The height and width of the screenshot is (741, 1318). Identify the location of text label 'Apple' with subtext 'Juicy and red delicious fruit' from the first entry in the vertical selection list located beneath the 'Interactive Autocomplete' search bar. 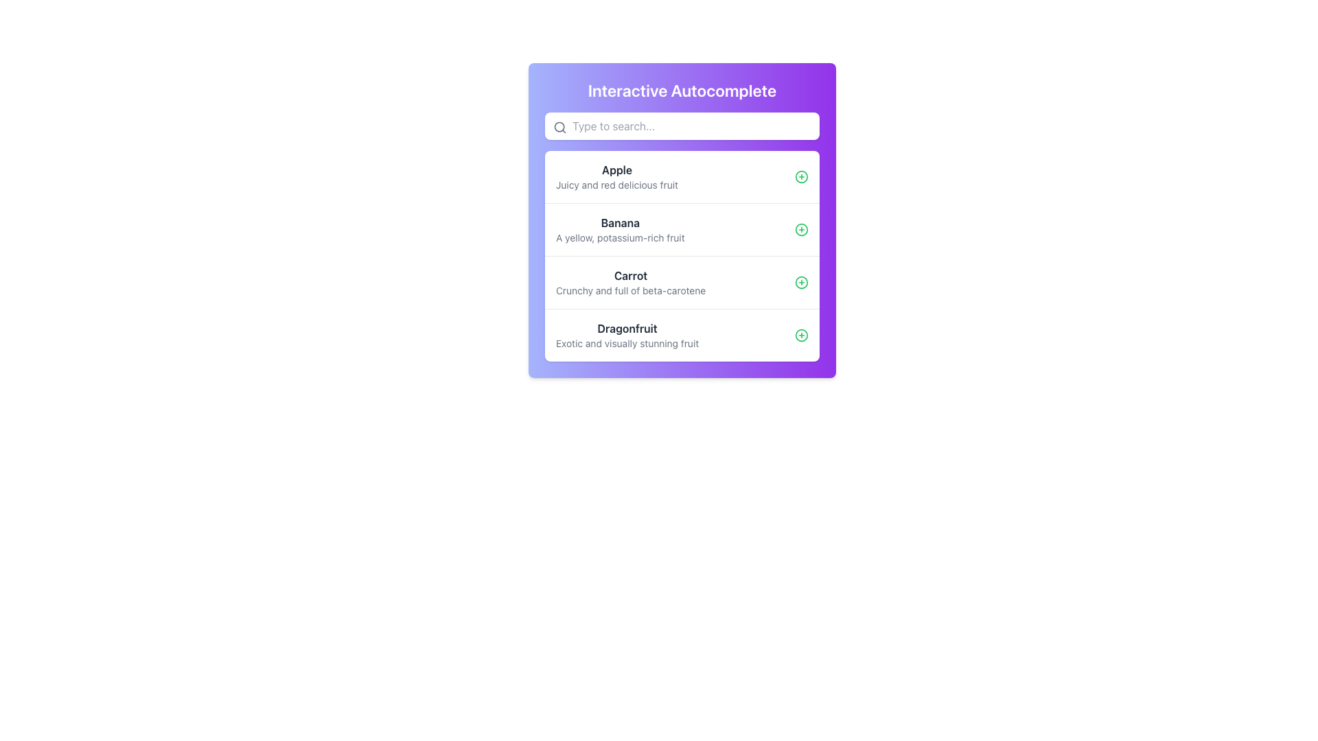
(616, 176).